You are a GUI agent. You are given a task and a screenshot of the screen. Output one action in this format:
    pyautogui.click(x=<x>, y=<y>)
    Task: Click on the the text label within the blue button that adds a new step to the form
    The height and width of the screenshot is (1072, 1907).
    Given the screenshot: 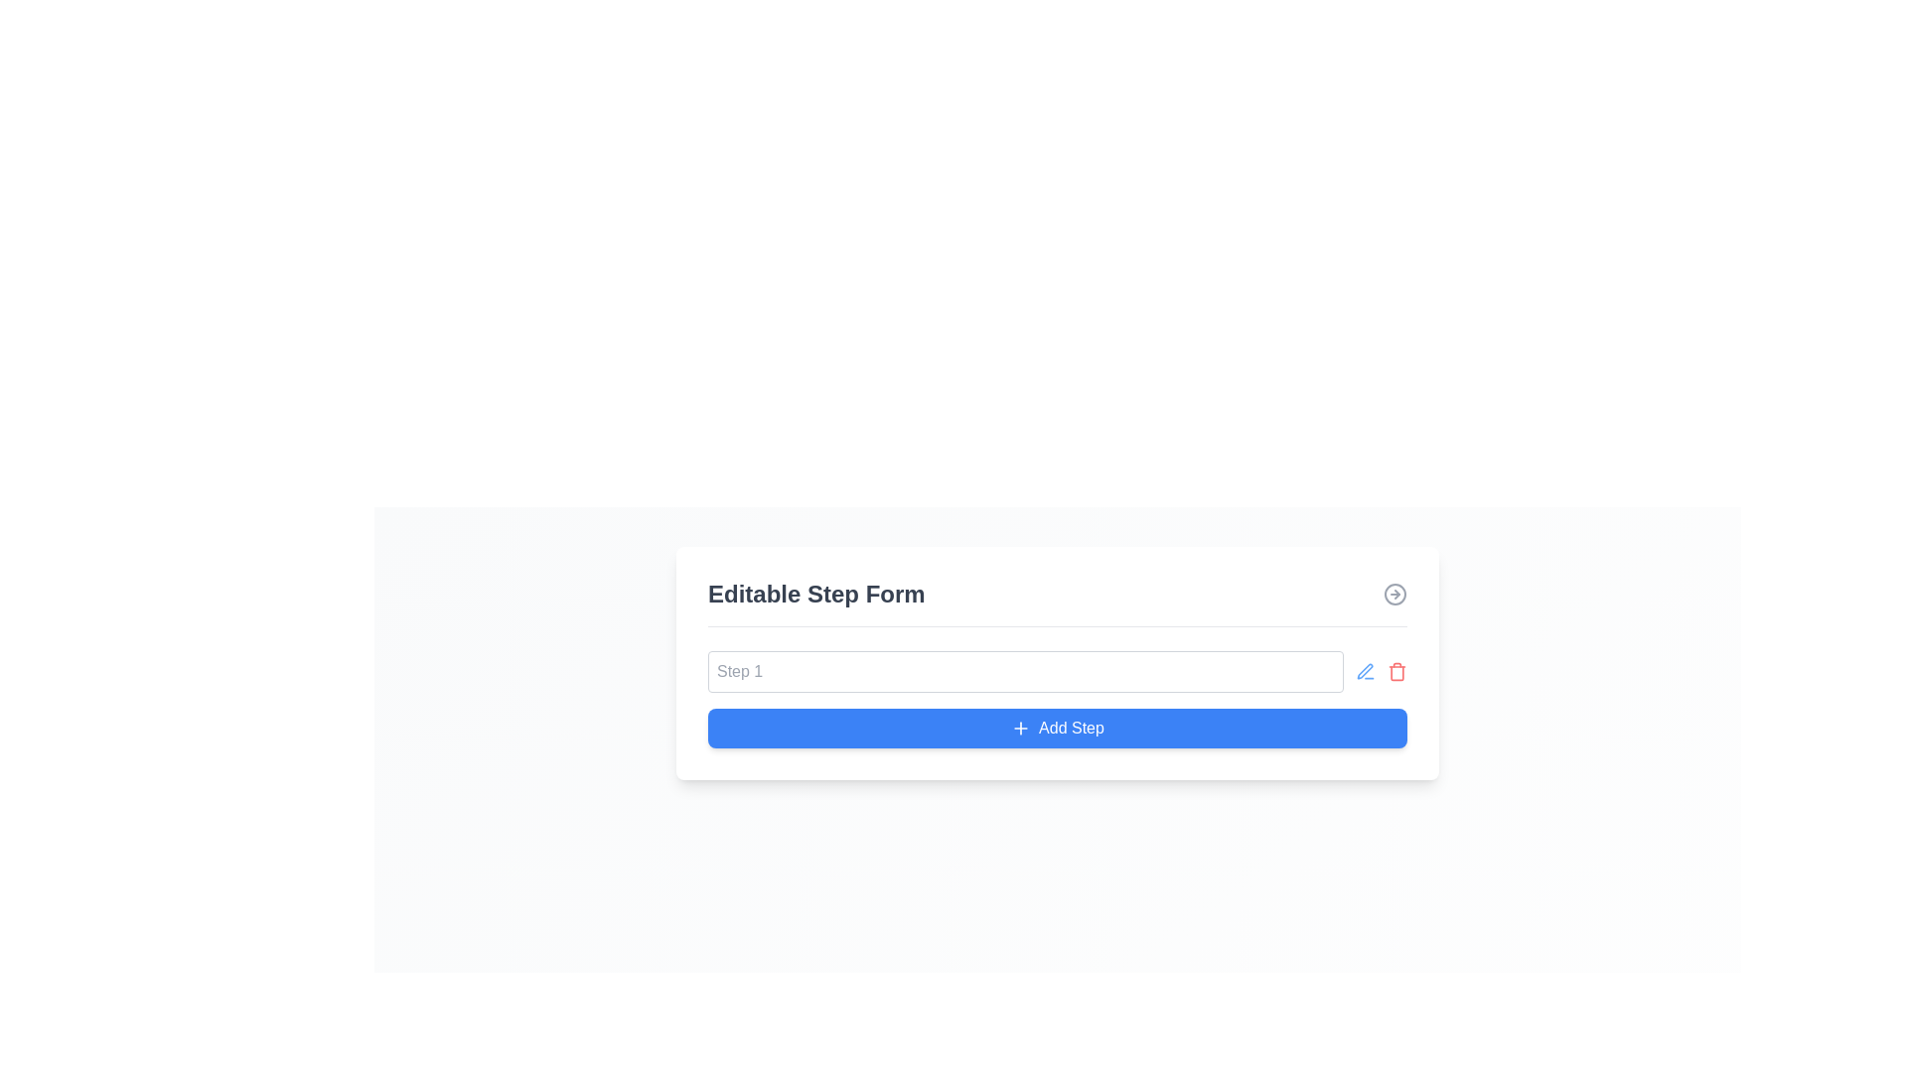 What is the action you would take?
    pyautogui.click(x=1071, y=728)
    